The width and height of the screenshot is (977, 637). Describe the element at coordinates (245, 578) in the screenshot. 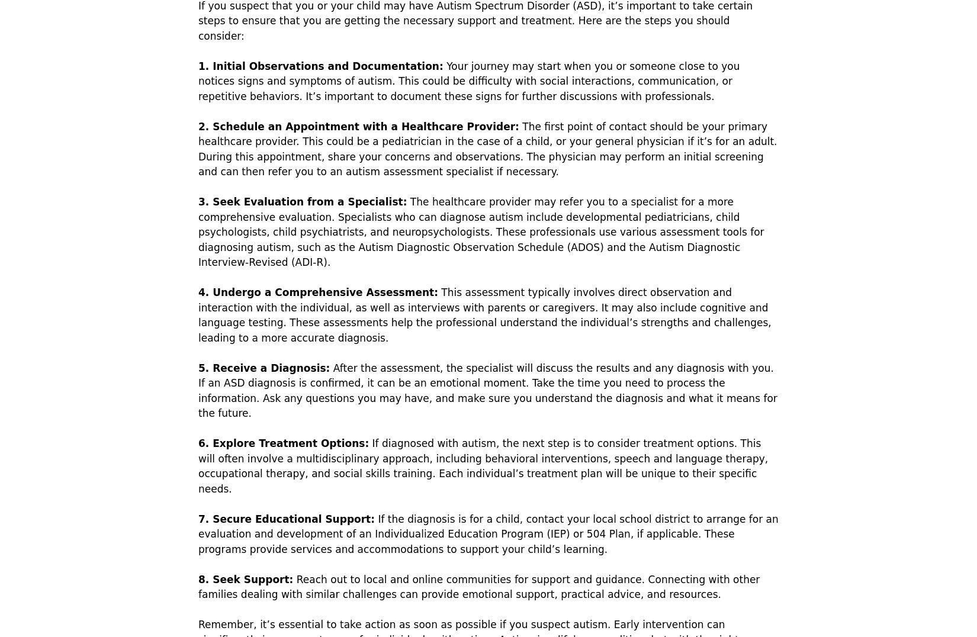

I see `'8. Seek Support:'` at that location.